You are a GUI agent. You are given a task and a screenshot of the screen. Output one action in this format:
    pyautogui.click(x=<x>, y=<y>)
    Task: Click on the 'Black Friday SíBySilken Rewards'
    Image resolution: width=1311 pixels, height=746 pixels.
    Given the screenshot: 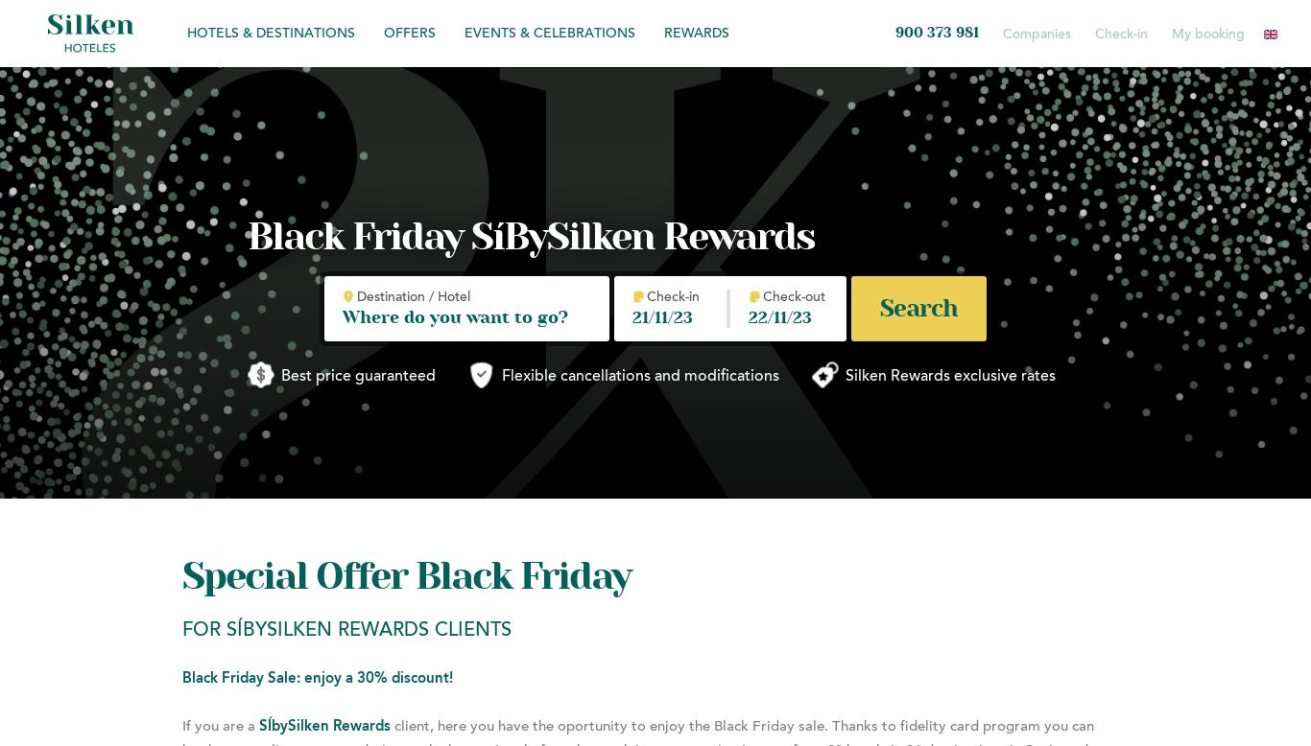 What is the action you would take?
    pyautogui.click(x=531, y=237)
    